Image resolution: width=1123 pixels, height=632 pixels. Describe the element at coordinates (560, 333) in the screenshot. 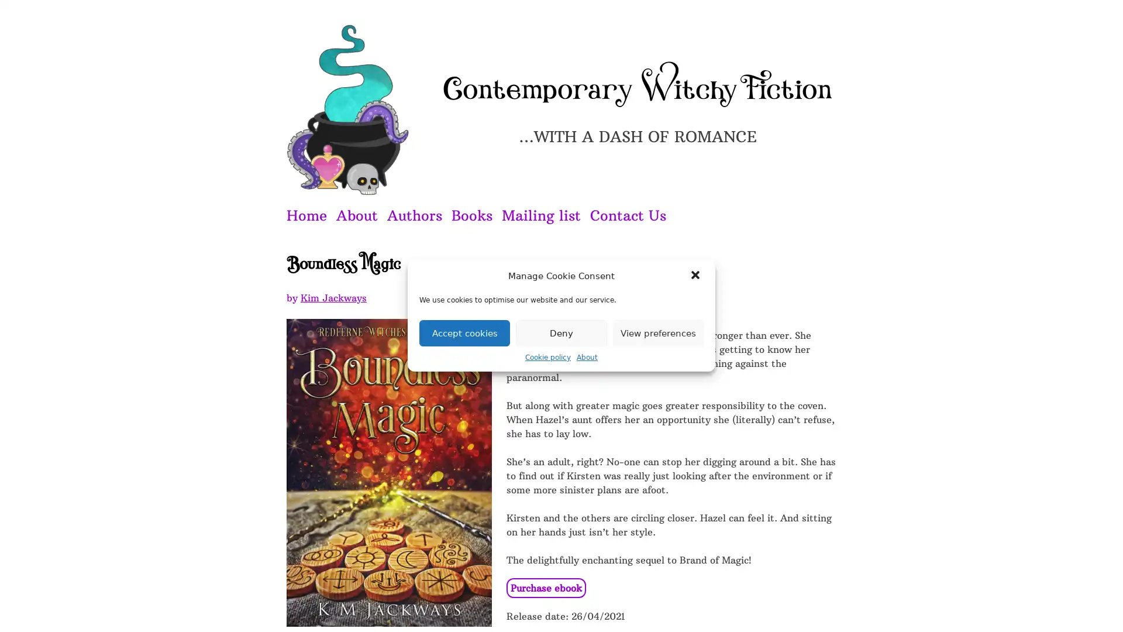

I see `Deny` at that location.